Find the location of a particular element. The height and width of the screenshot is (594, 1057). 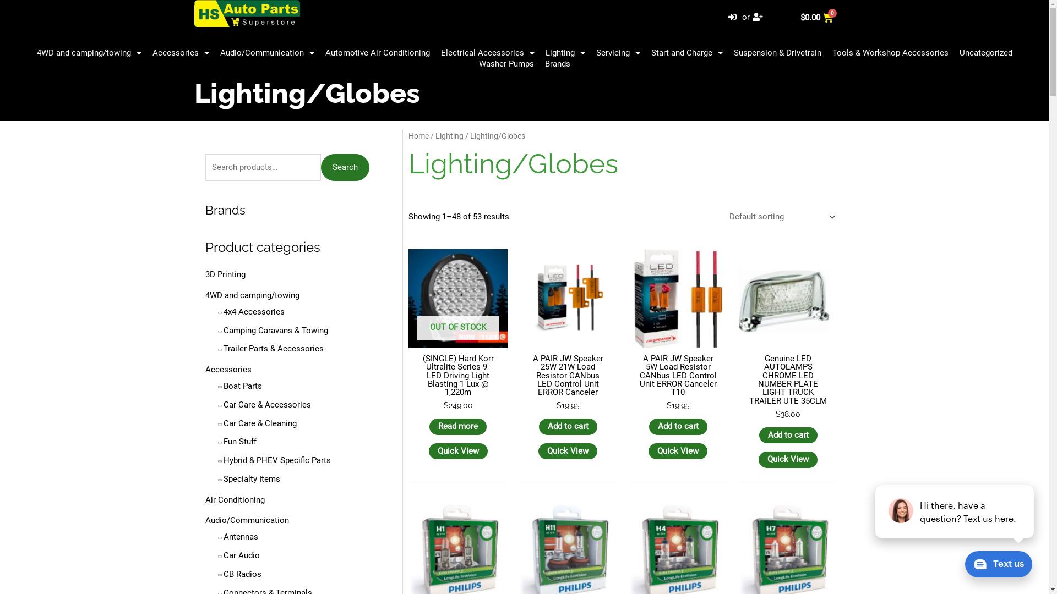

'4x4 Accessories' is located at coordinates (253, 312).